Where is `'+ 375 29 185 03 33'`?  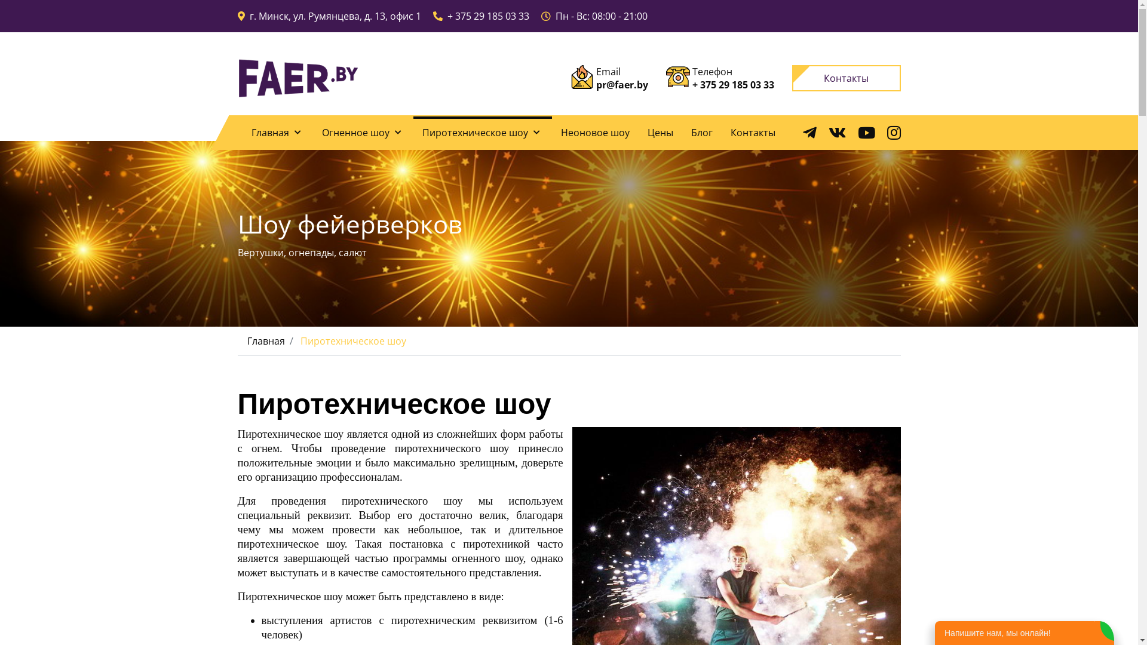
'+ 375 29 185 03 33' is located at coordinates (487, 16).